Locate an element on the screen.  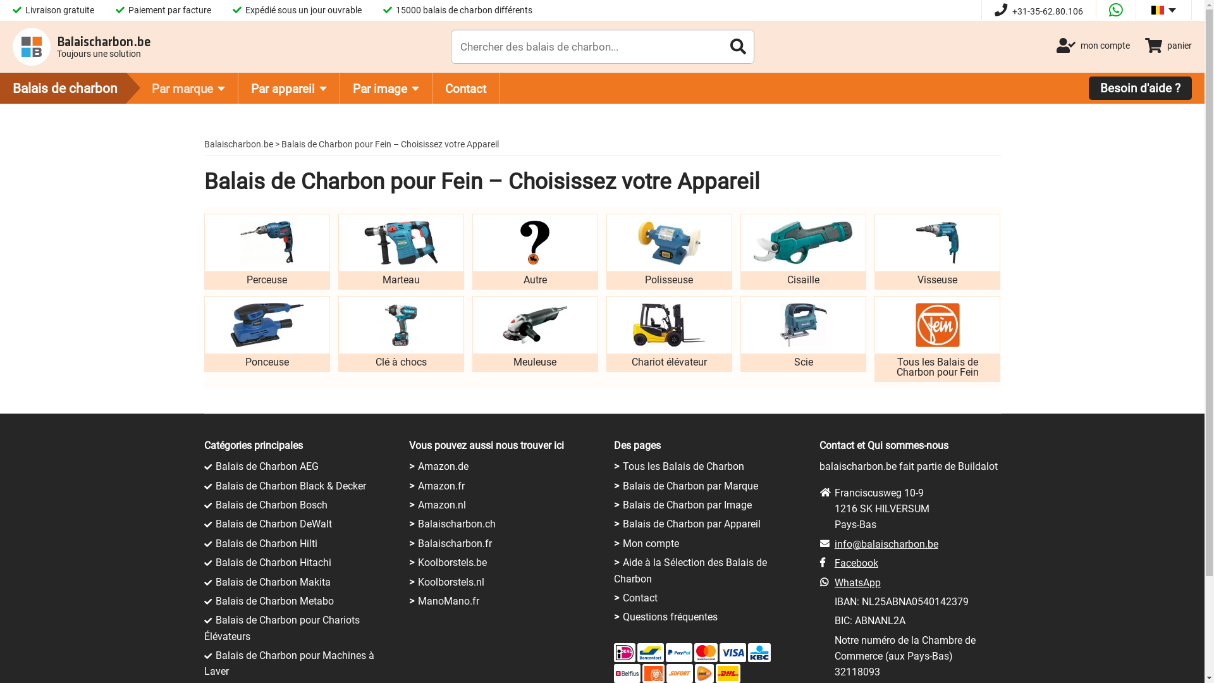
'Par appareil' is located at coordinates (288, 87).